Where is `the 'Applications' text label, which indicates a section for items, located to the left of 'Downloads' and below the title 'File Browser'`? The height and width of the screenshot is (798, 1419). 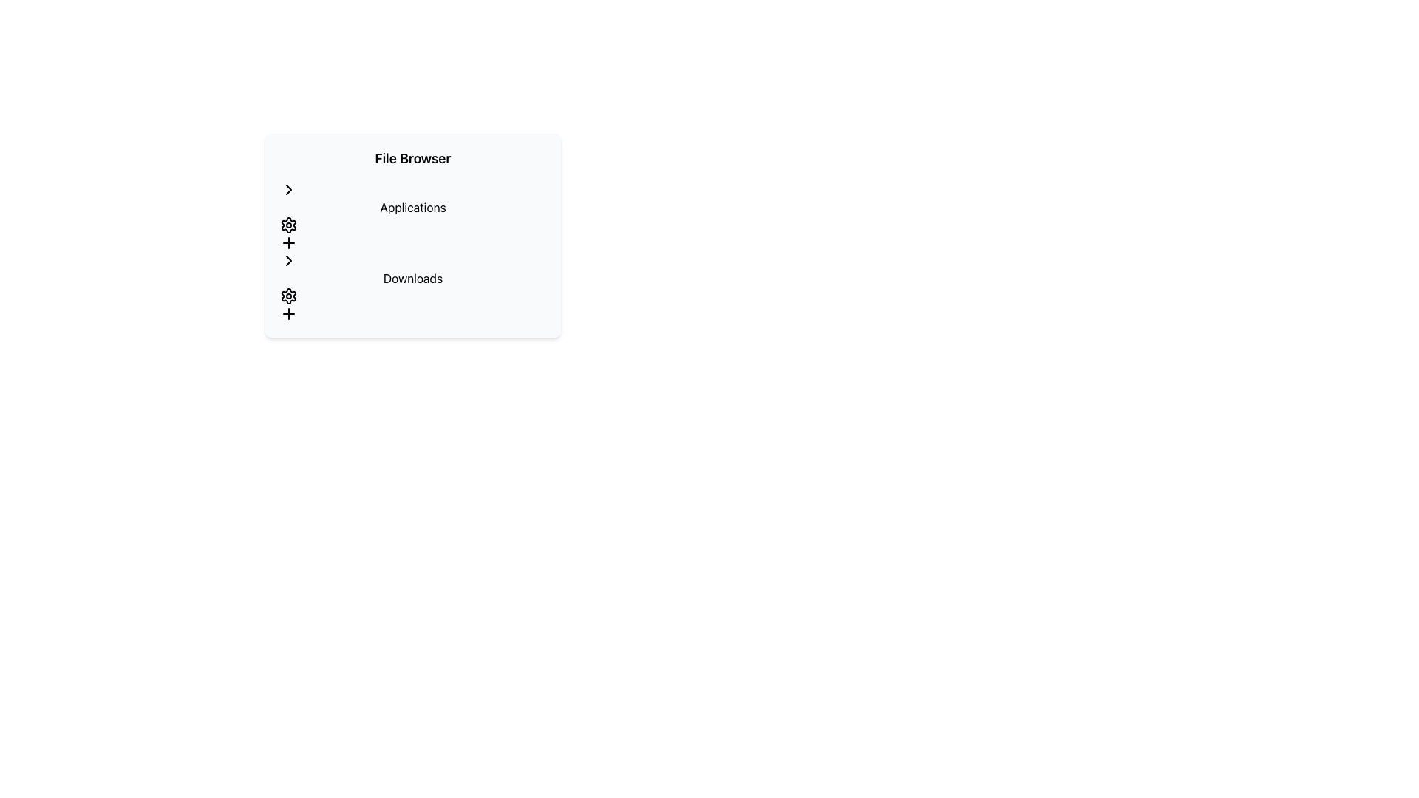
the 'Applications' text label, which indicates a section for items, located to the left of 'Downloads' and below the title 'File Browser' is located at coordinates (412, 208).